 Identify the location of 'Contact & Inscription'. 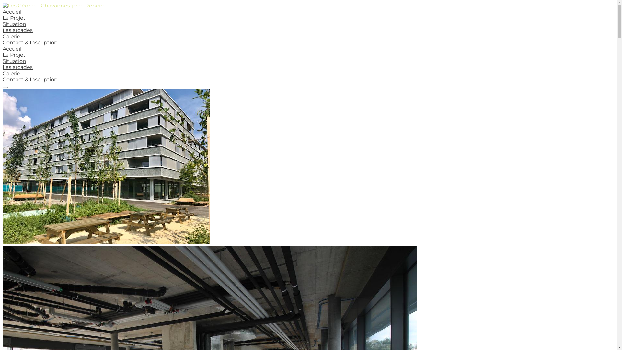
(29, 42).